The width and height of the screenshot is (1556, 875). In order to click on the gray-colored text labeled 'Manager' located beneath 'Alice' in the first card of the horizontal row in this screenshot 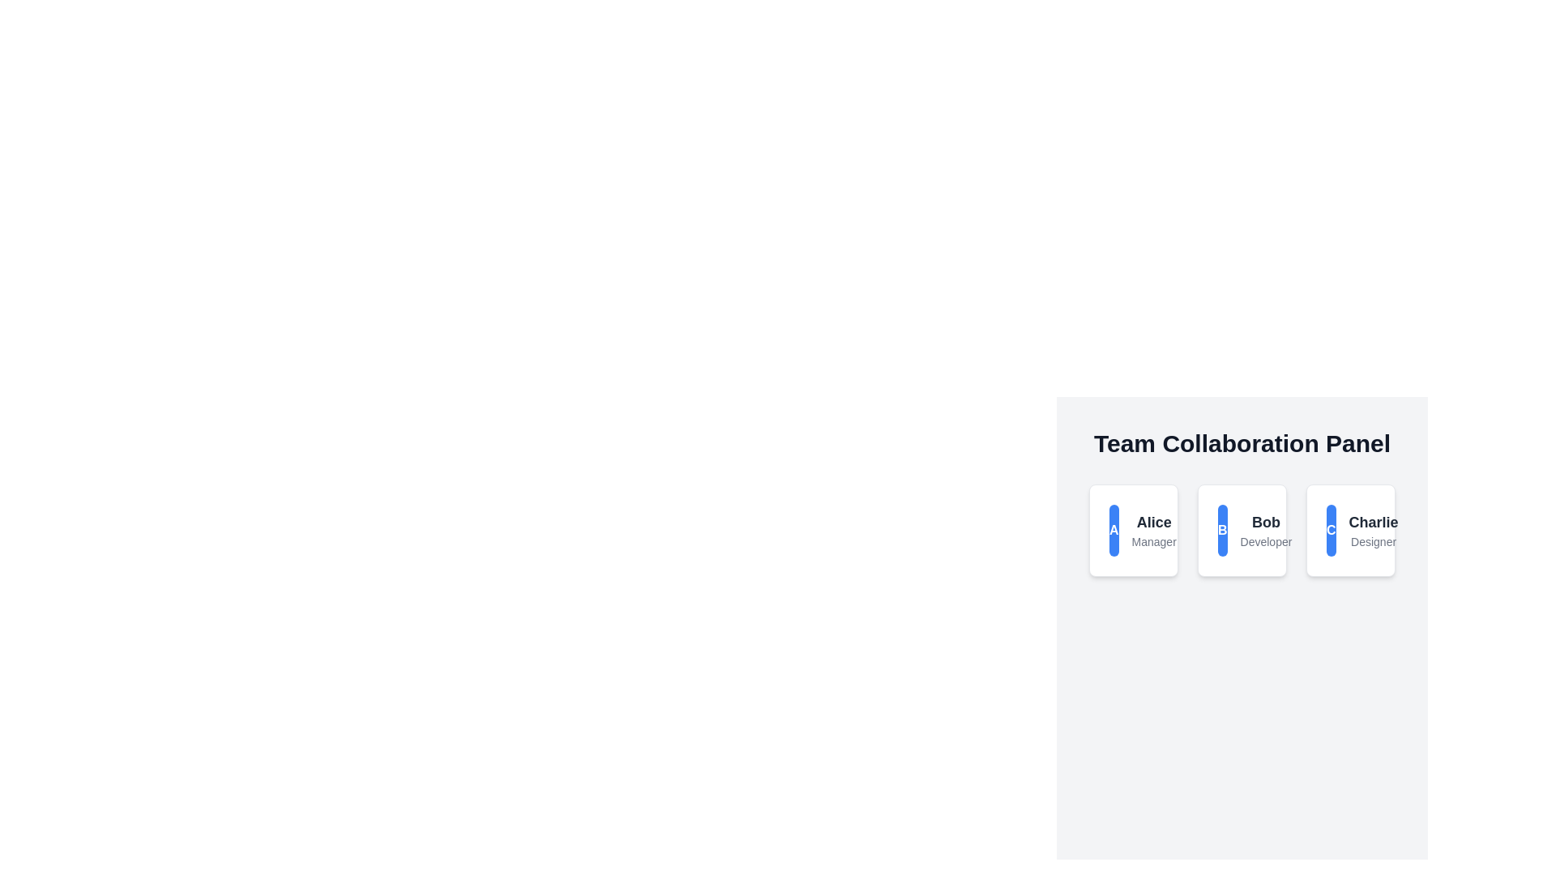, I will do `click(1153, 541)`.